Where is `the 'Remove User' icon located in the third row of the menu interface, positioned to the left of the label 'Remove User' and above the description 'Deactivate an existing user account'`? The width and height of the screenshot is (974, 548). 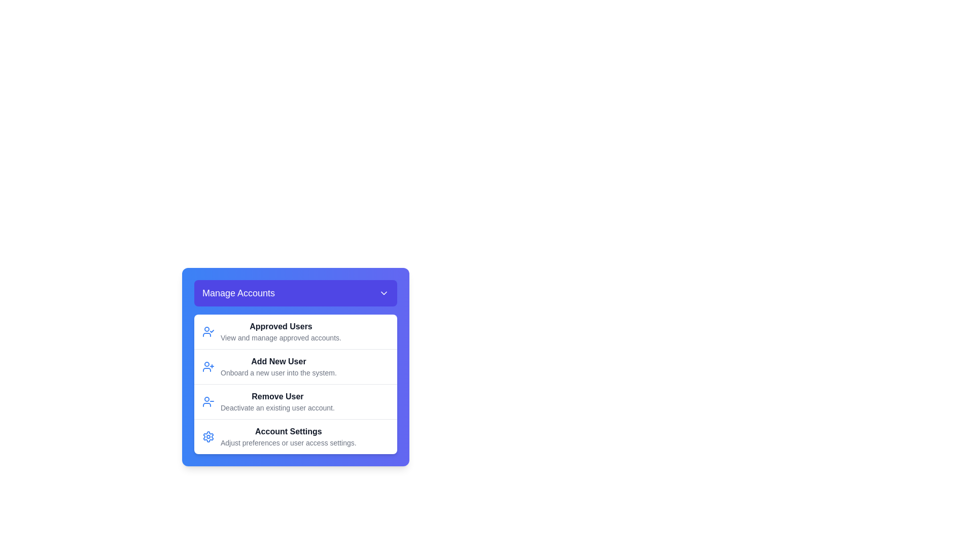 the 'Remove User' icon located in the third row of the menu interface, positioned to the left of the label 'Remove User' and above the description 'Deactivate an existing user account' is located at coordinates (208, 401).